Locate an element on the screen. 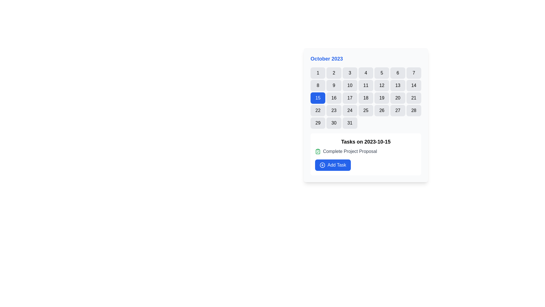 The width and height of the screenshot is (545, 307). the button representing the 26th day in the calendar to change its background color is located at coordinates (382, 111).